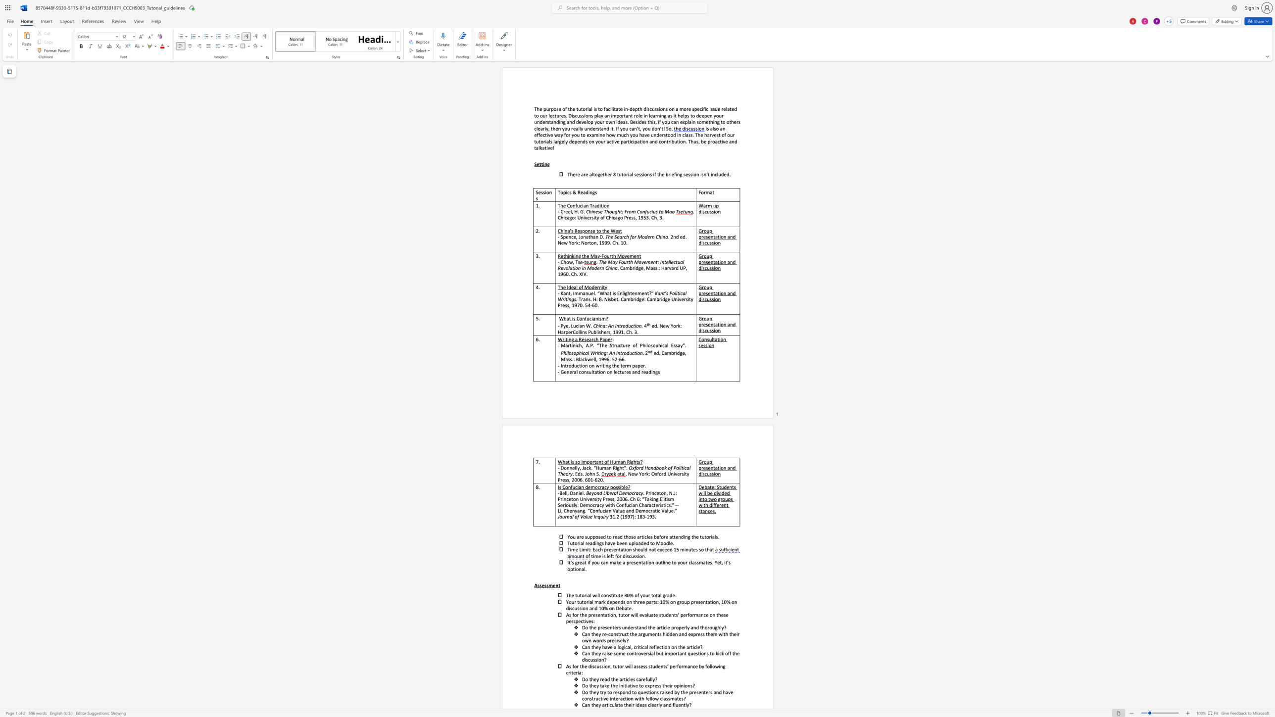 The height and width of the screenshot is (717, 1275). I want to click on the space between the continuous character "a" and "r" in the text, so click(626, 141).